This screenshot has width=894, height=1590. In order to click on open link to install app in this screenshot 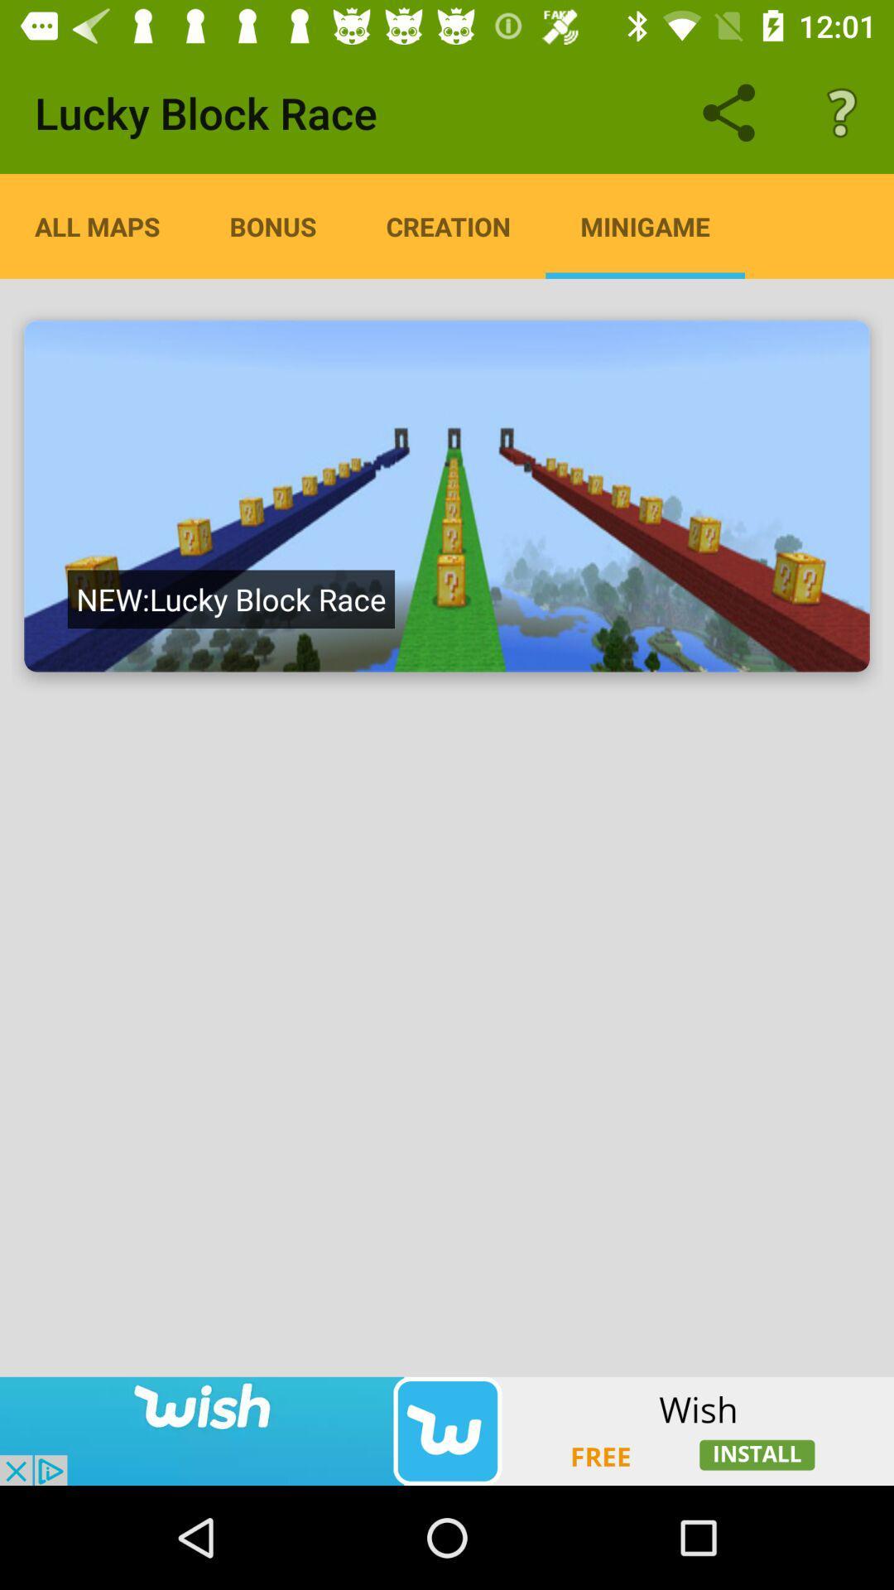, I will do `click(447, 1430)`.